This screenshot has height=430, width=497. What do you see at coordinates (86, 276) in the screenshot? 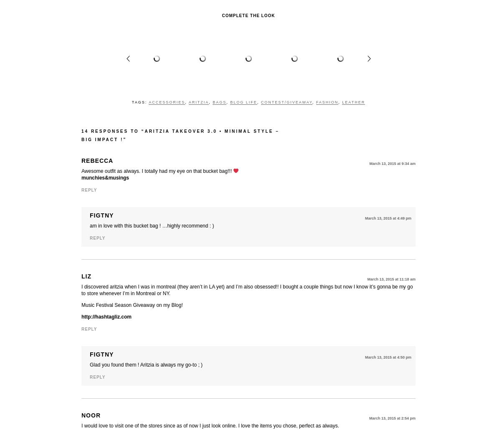
I see `'Liz'` at bounding box center [86, 276].